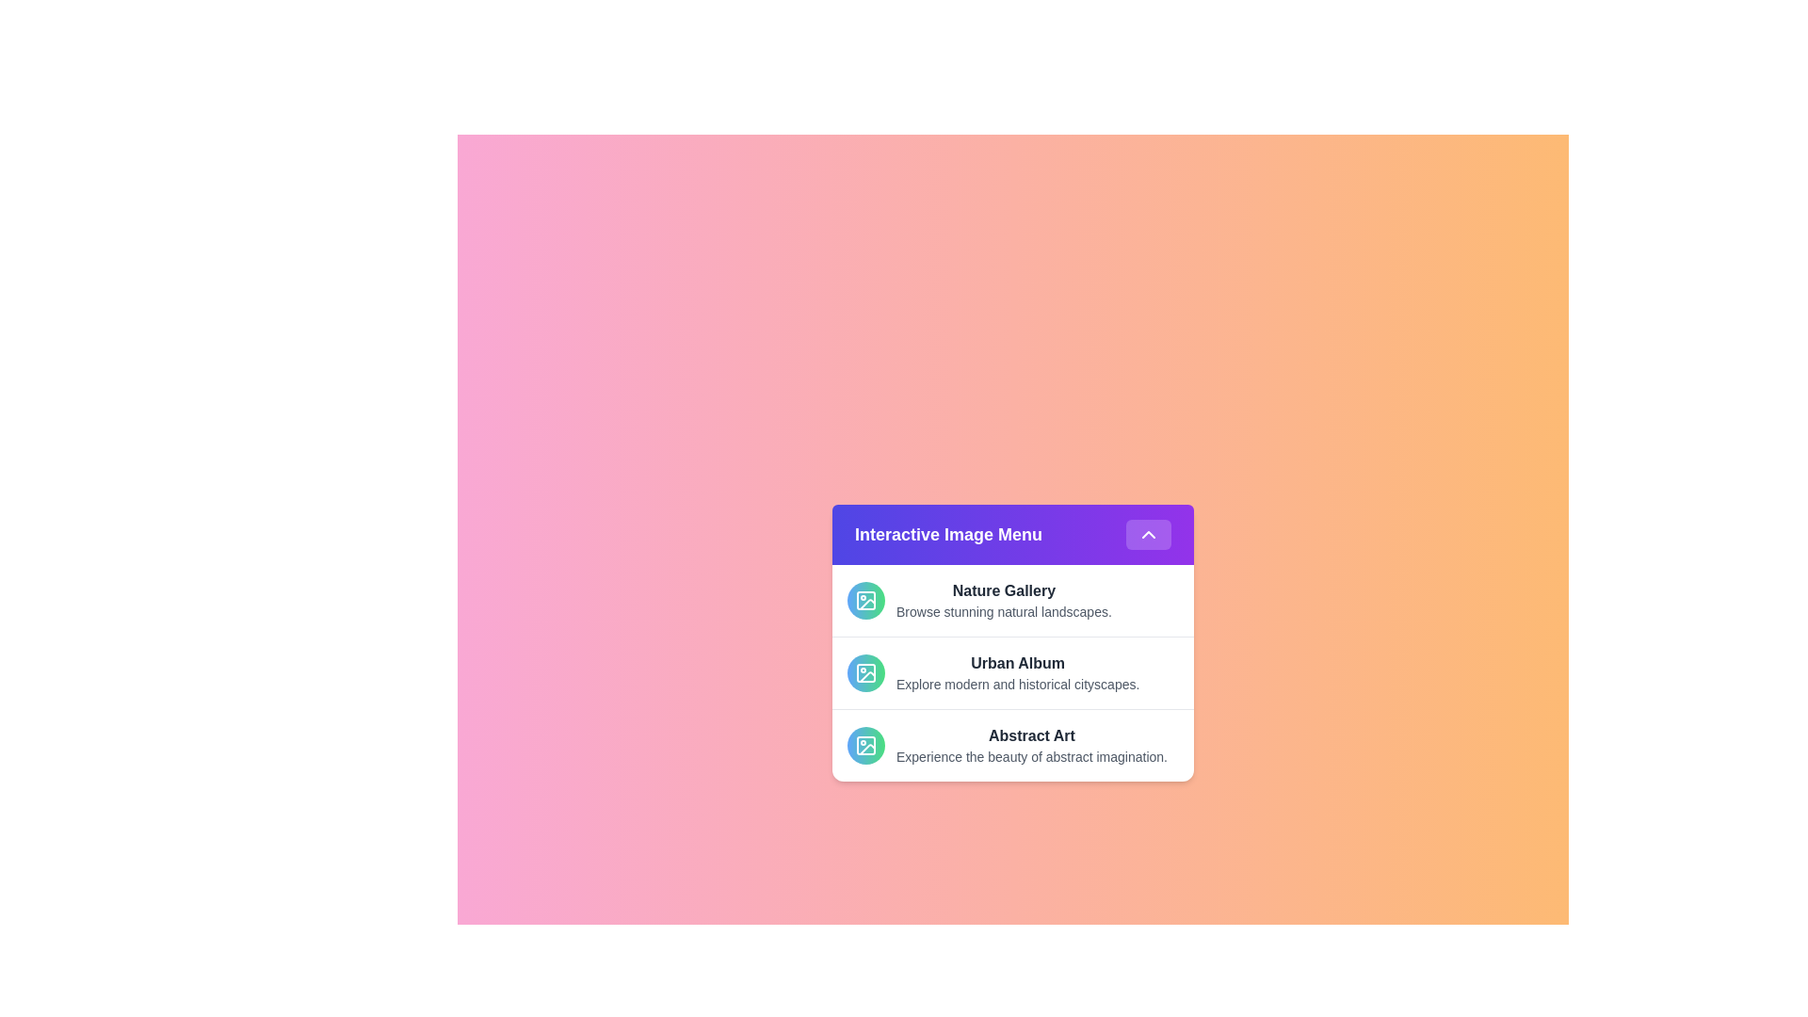 The width and height of the screenshot is (1808, 1017). What do you see at coordinates (1011, 744) in the screenshot?
I see `the menu item labeled Abstract Art` at bounding box center [1011, 744].